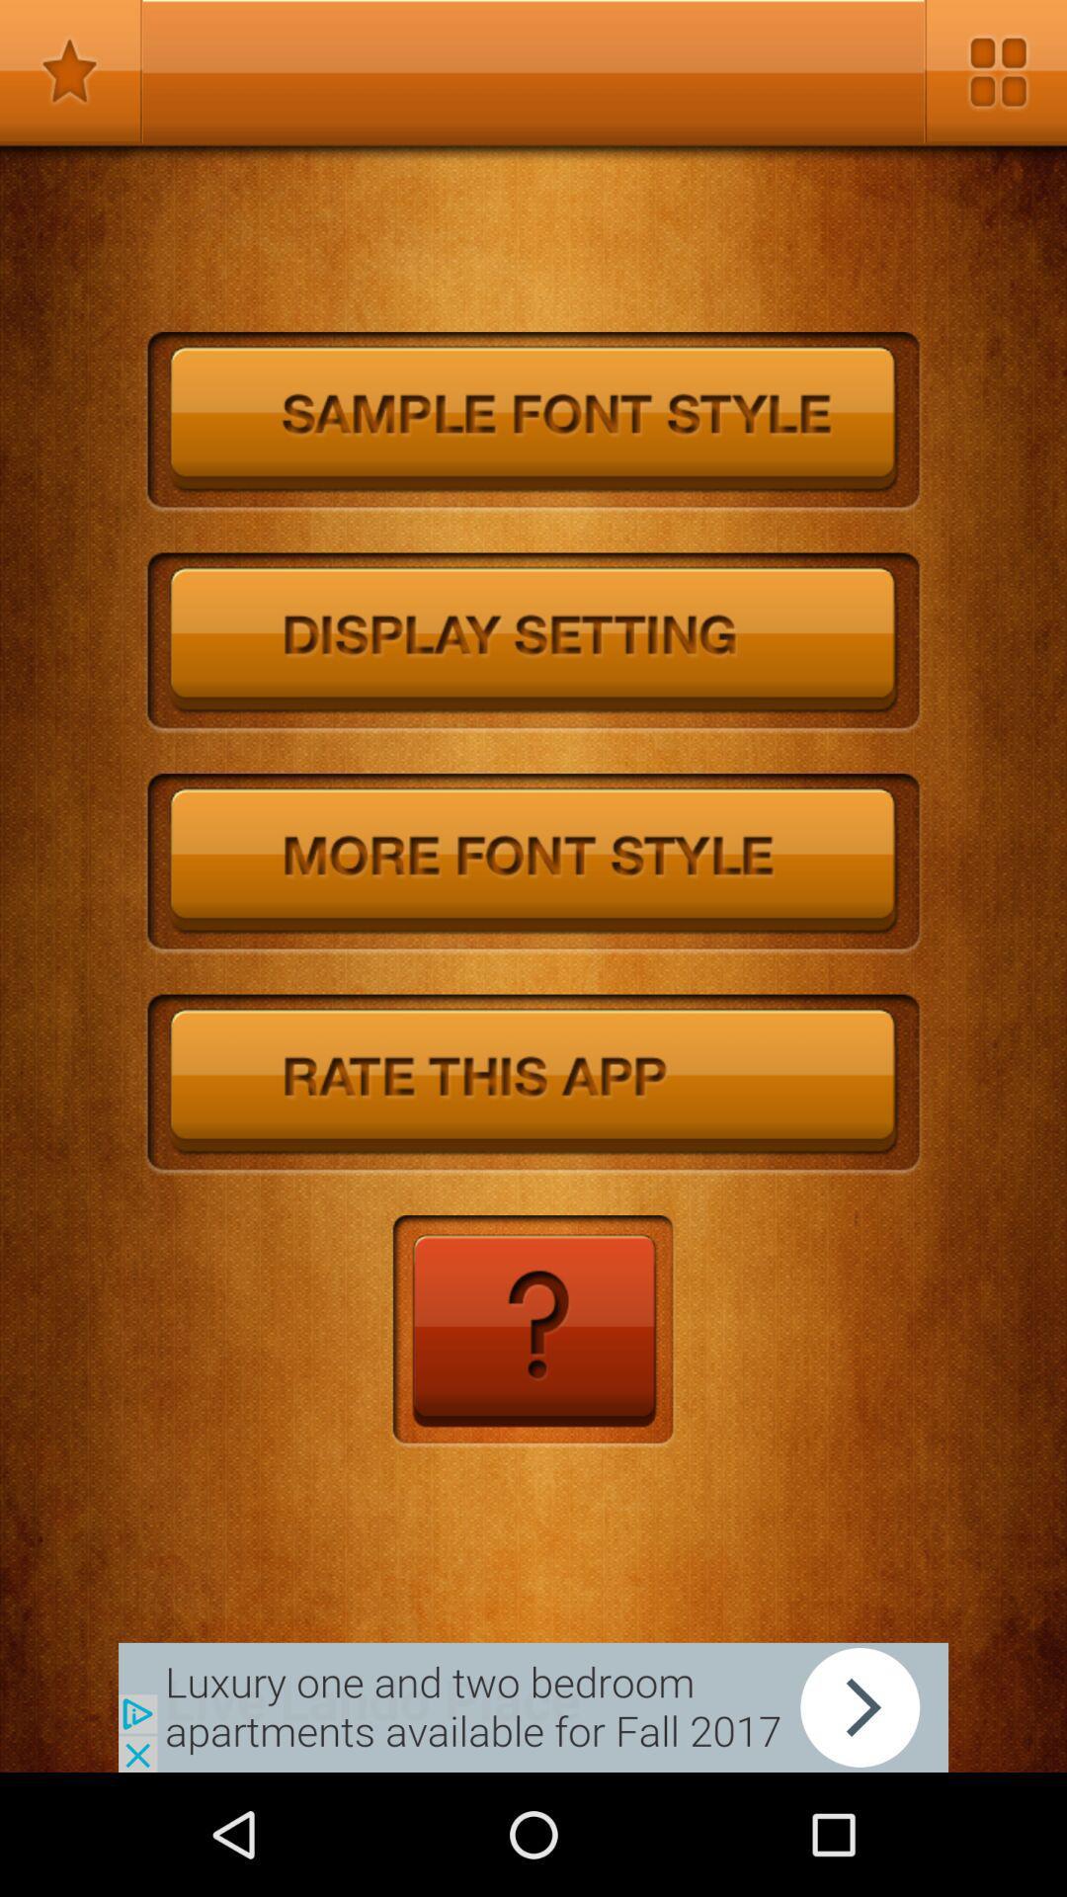 The image size is (1067, 1897). I want to click on the settio\ngs option, so click(533, 643).